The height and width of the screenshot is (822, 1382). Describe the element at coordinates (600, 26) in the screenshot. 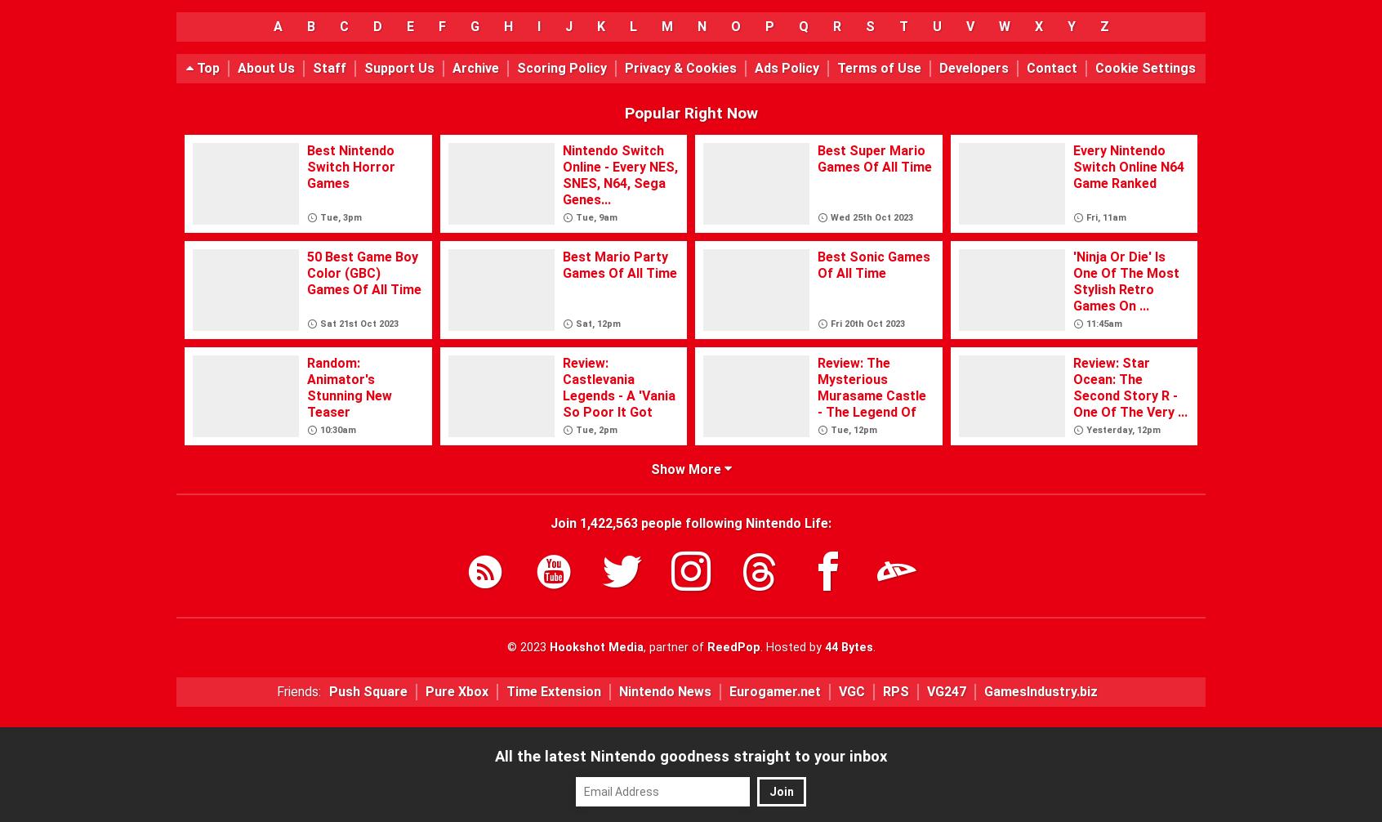

I see `'K'` at that location.